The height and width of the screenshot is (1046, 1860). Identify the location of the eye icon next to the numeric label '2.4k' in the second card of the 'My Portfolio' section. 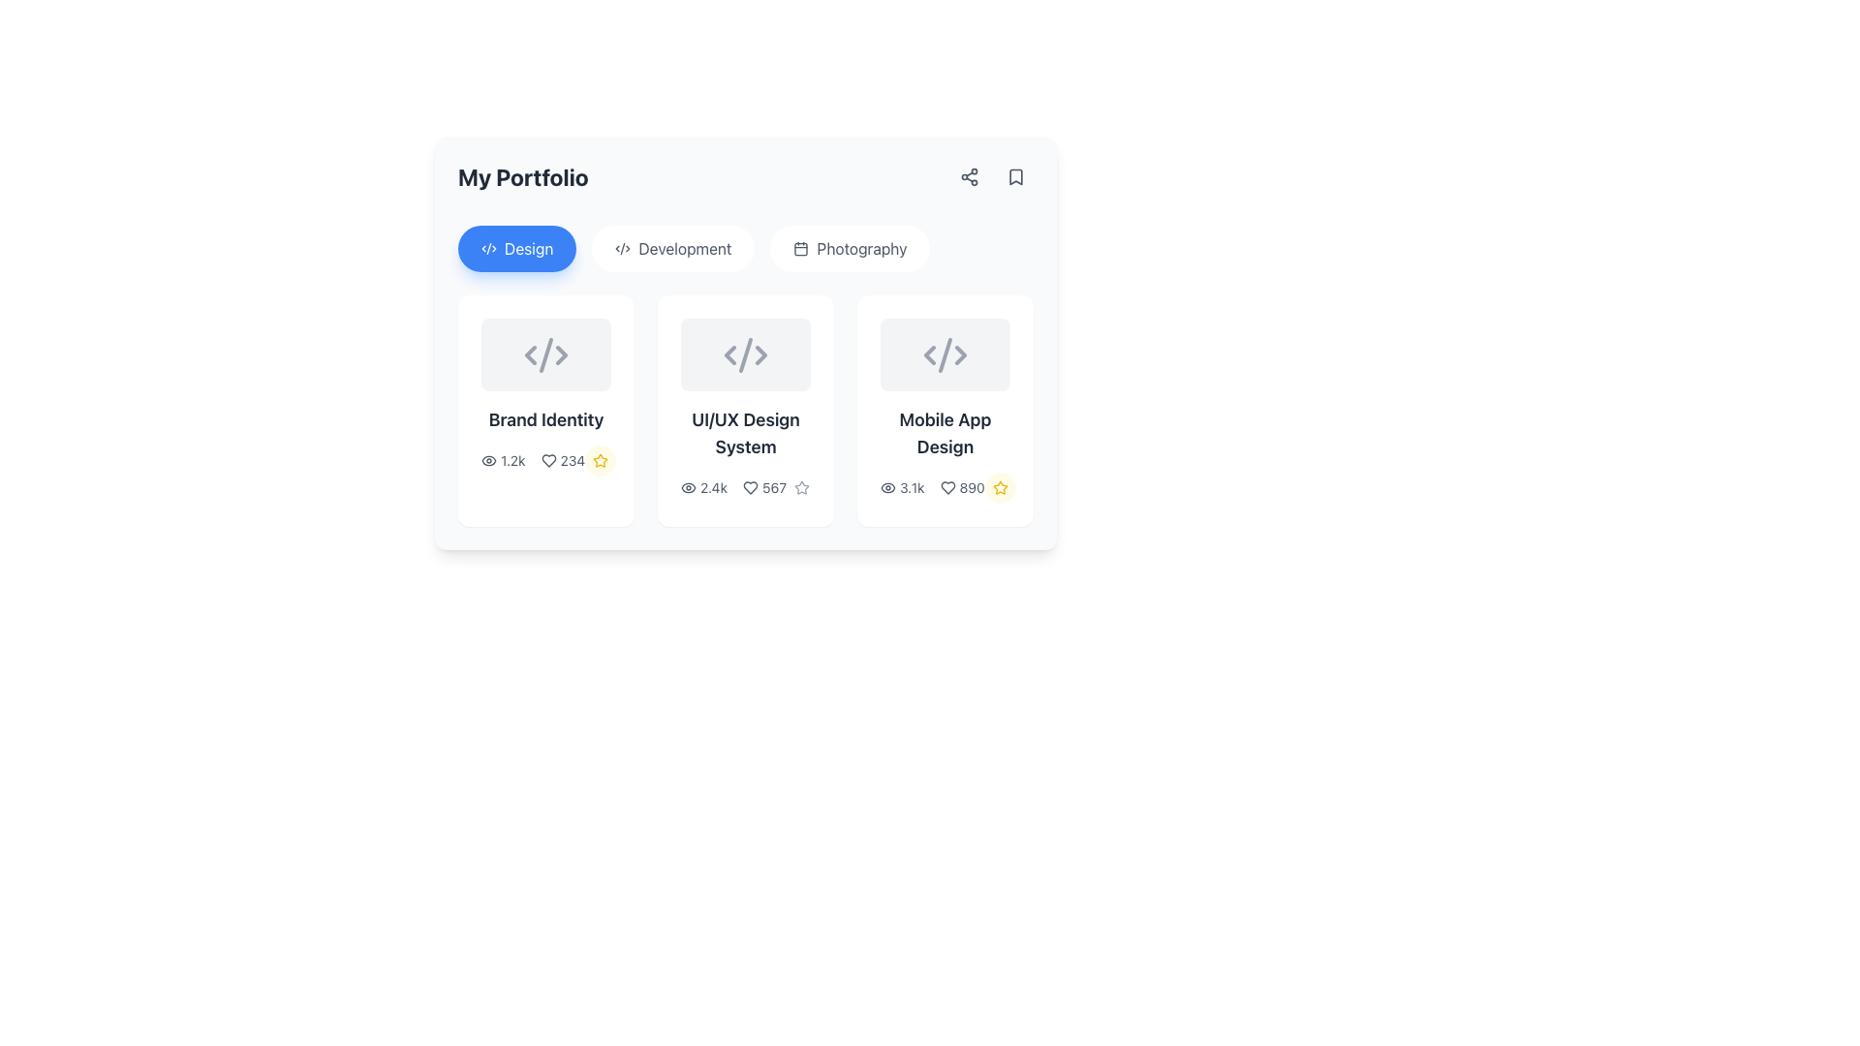
(703, 487).